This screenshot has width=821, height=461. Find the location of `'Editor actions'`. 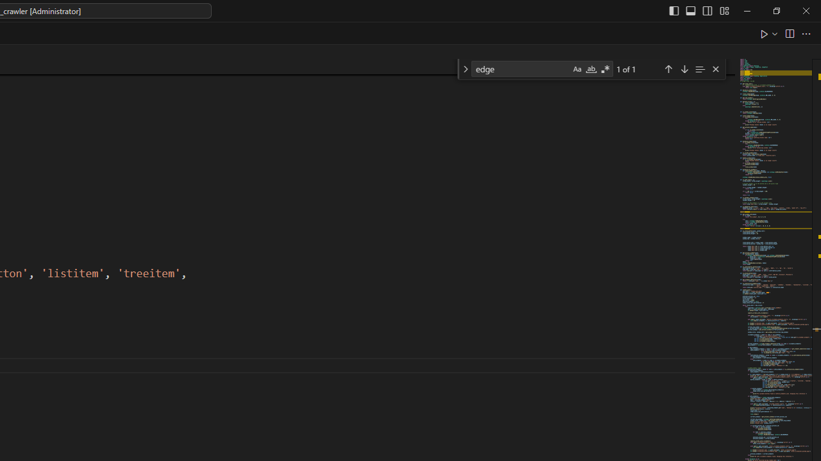

'Editor actions' is located at coordinates (786, 33).